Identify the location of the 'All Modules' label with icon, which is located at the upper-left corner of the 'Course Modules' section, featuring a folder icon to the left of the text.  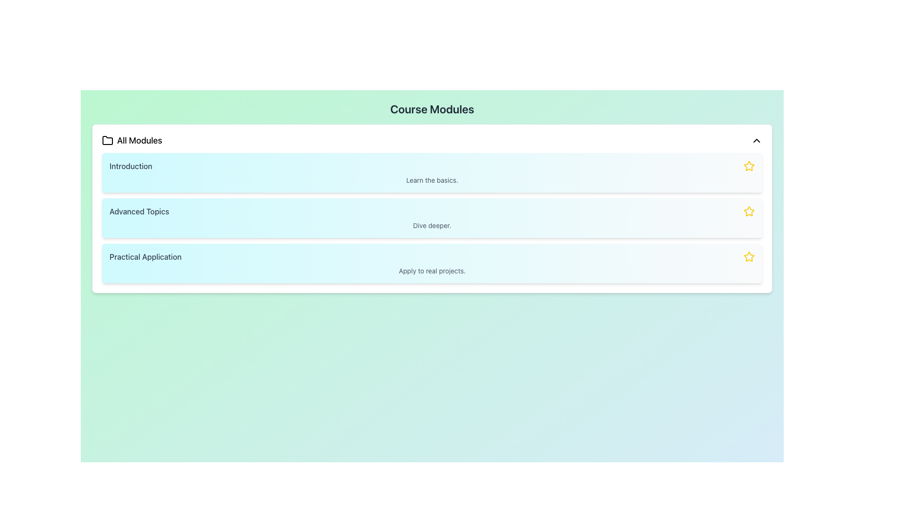
(131, 140).